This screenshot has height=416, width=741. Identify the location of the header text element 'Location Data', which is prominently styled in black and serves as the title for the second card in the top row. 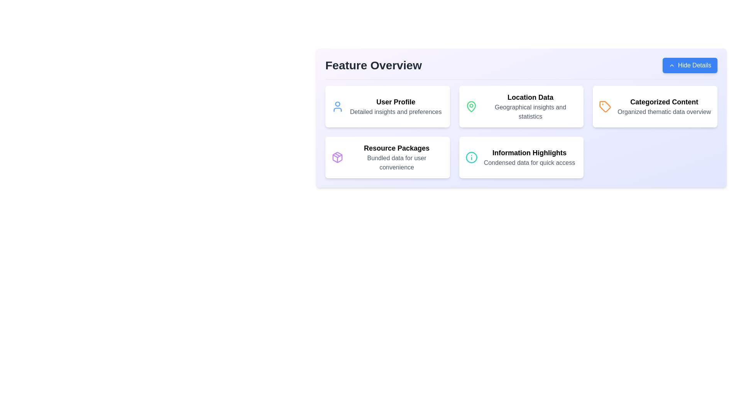
(530, 97).